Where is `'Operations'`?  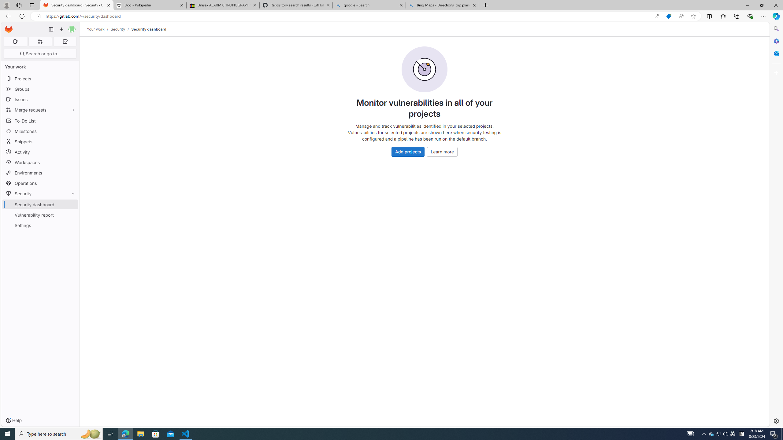
'Operations' is located at coordinates (40, 183).